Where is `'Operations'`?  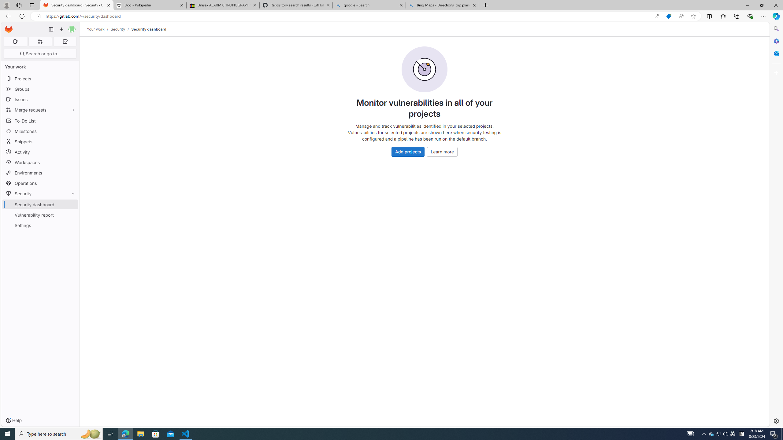
'Operations' is located at coordinates (40, 183).